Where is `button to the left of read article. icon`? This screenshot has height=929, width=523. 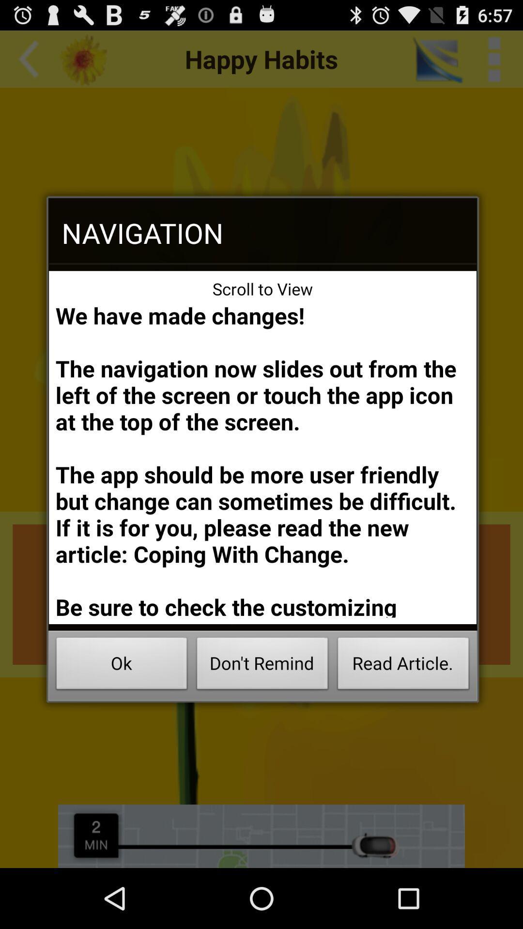 button to the left of read article. icon is located at coordinates (262, 666).